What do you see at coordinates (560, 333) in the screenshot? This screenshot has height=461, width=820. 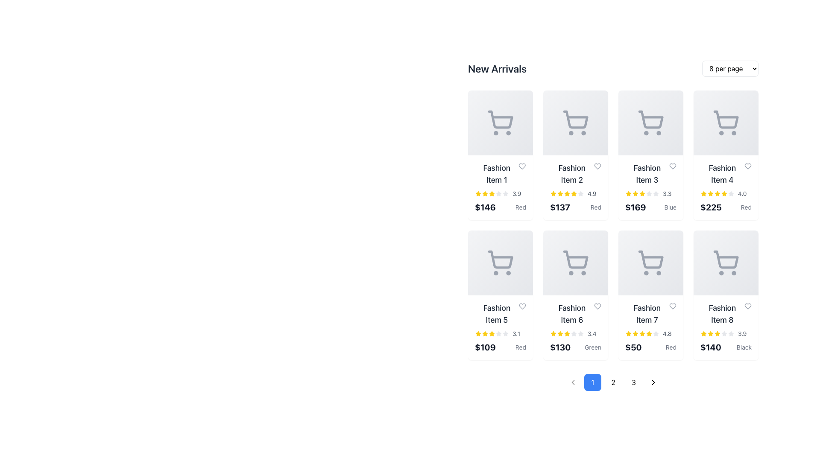 I see `the third star icon in the star rating system for 'Fashion Item 6', which visually represents part of a 3.4 rating` at bounding box center [560, 333].